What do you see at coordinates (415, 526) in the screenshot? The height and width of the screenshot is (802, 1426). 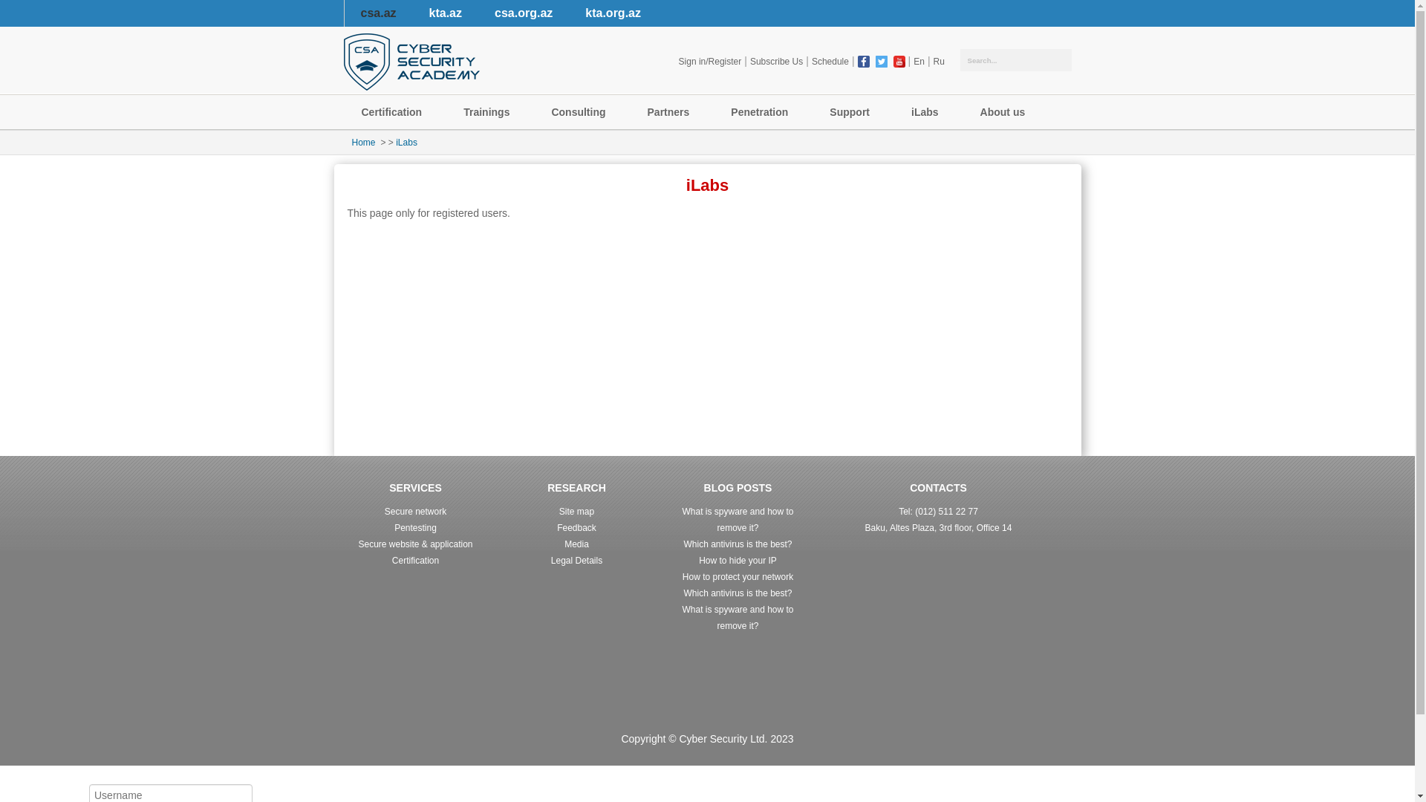 I see `'Pentesting'` at bounding box center [415, 526].